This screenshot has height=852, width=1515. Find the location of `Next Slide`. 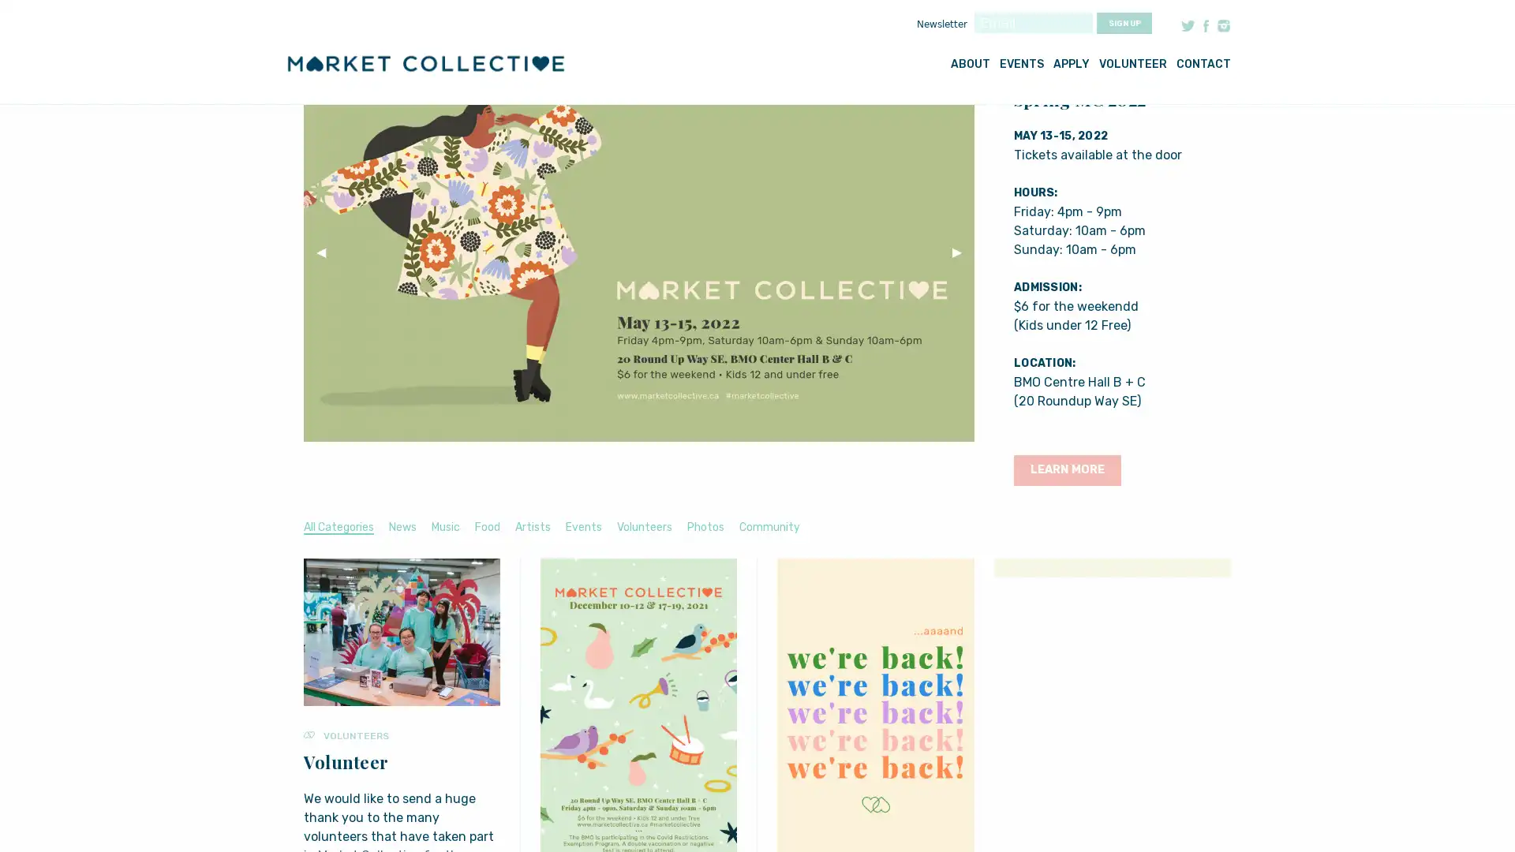

Next Slide is located at coordinates (956, 252).